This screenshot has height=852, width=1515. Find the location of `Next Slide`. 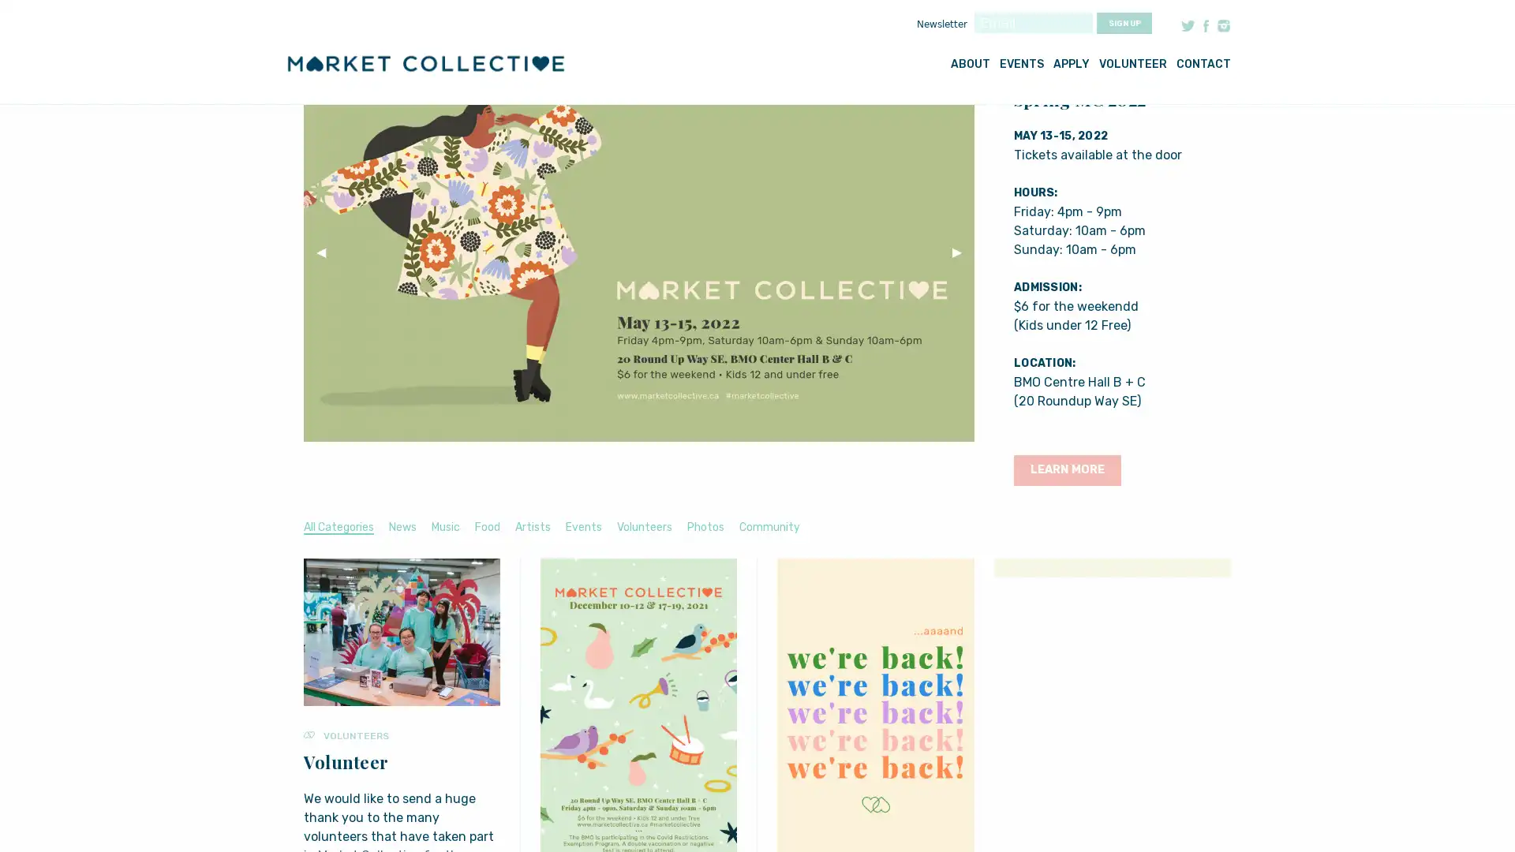

Next Slide is located at coordinates (956, 252).